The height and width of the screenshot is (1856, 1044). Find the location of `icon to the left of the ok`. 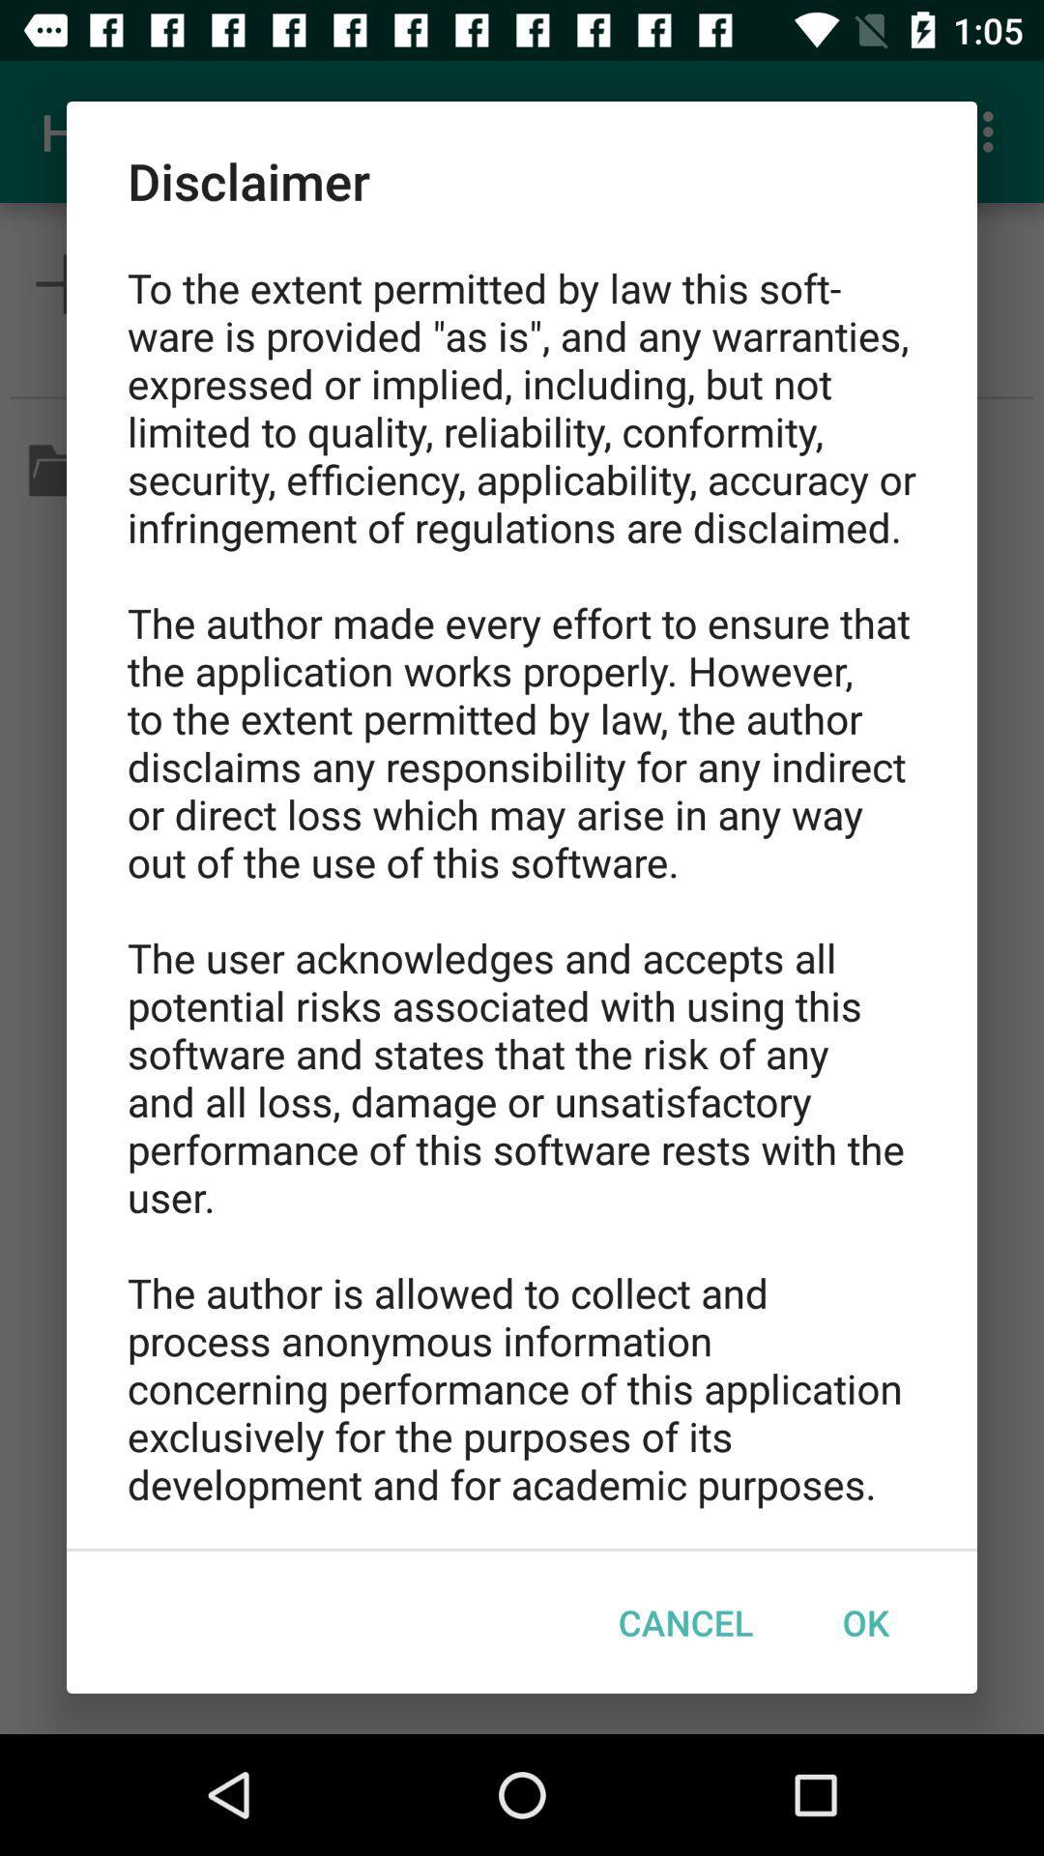

icon to the left of the ok is located at coordinates (684, 1622).